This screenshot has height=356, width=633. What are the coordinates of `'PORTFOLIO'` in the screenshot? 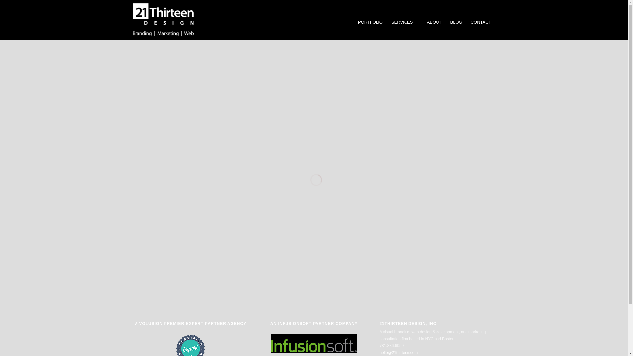 It's located at (370, 22).